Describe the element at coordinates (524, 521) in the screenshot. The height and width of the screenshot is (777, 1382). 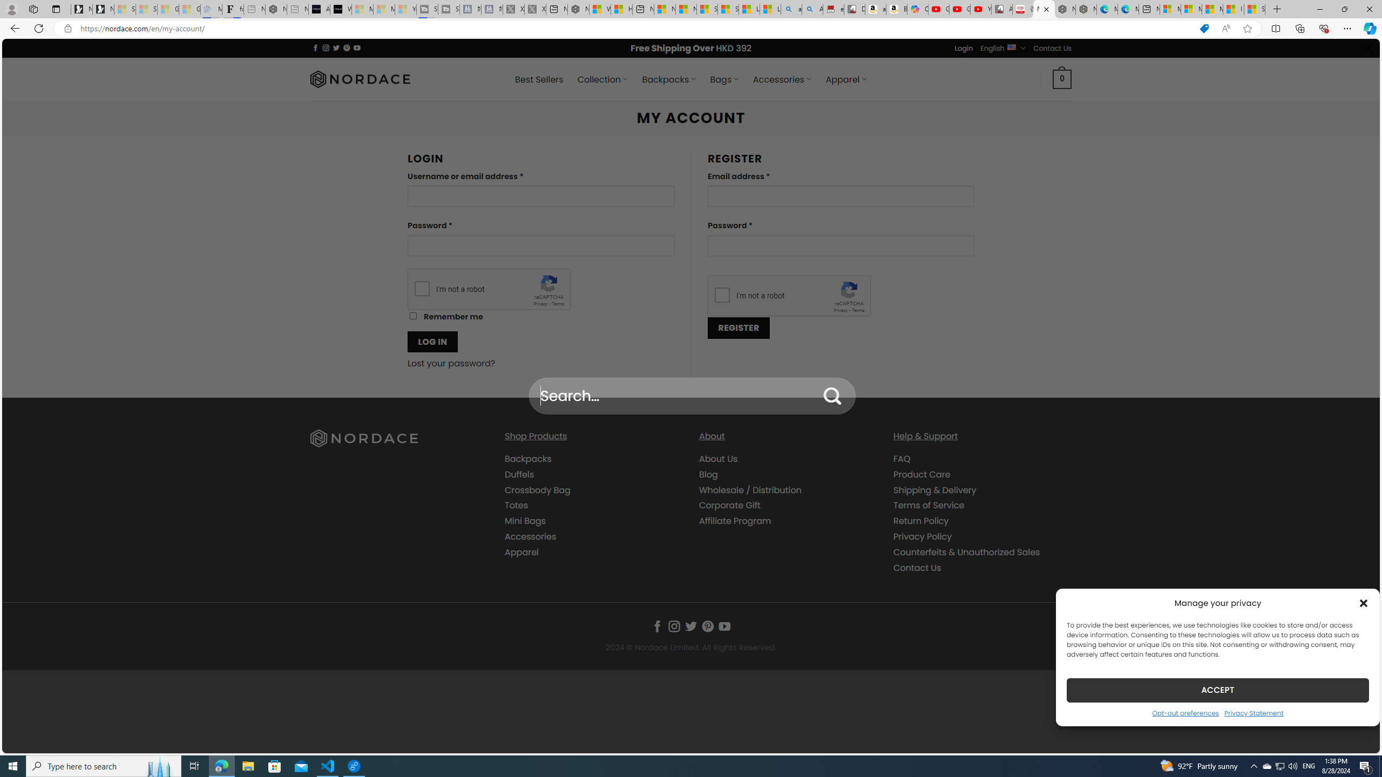
I see `'Mini Bags'` at that location.